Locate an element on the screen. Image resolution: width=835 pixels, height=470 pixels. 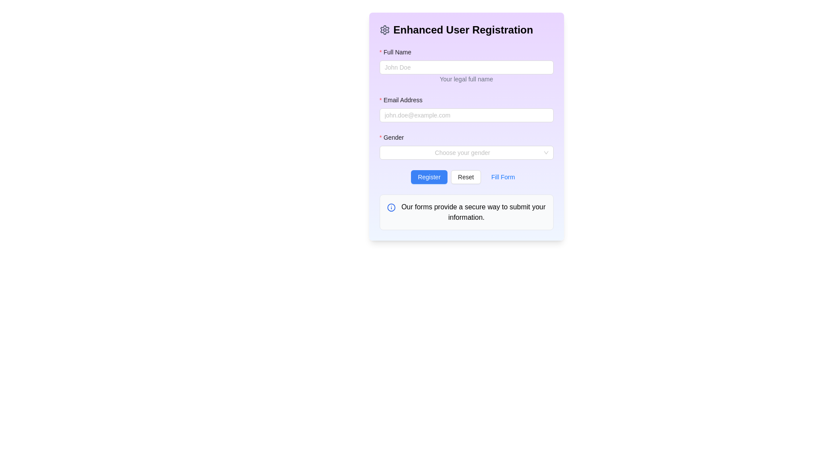
the 'Fill Form' button, which is the third button in a row of three buttons below a form is located at coordinates (503, 177).